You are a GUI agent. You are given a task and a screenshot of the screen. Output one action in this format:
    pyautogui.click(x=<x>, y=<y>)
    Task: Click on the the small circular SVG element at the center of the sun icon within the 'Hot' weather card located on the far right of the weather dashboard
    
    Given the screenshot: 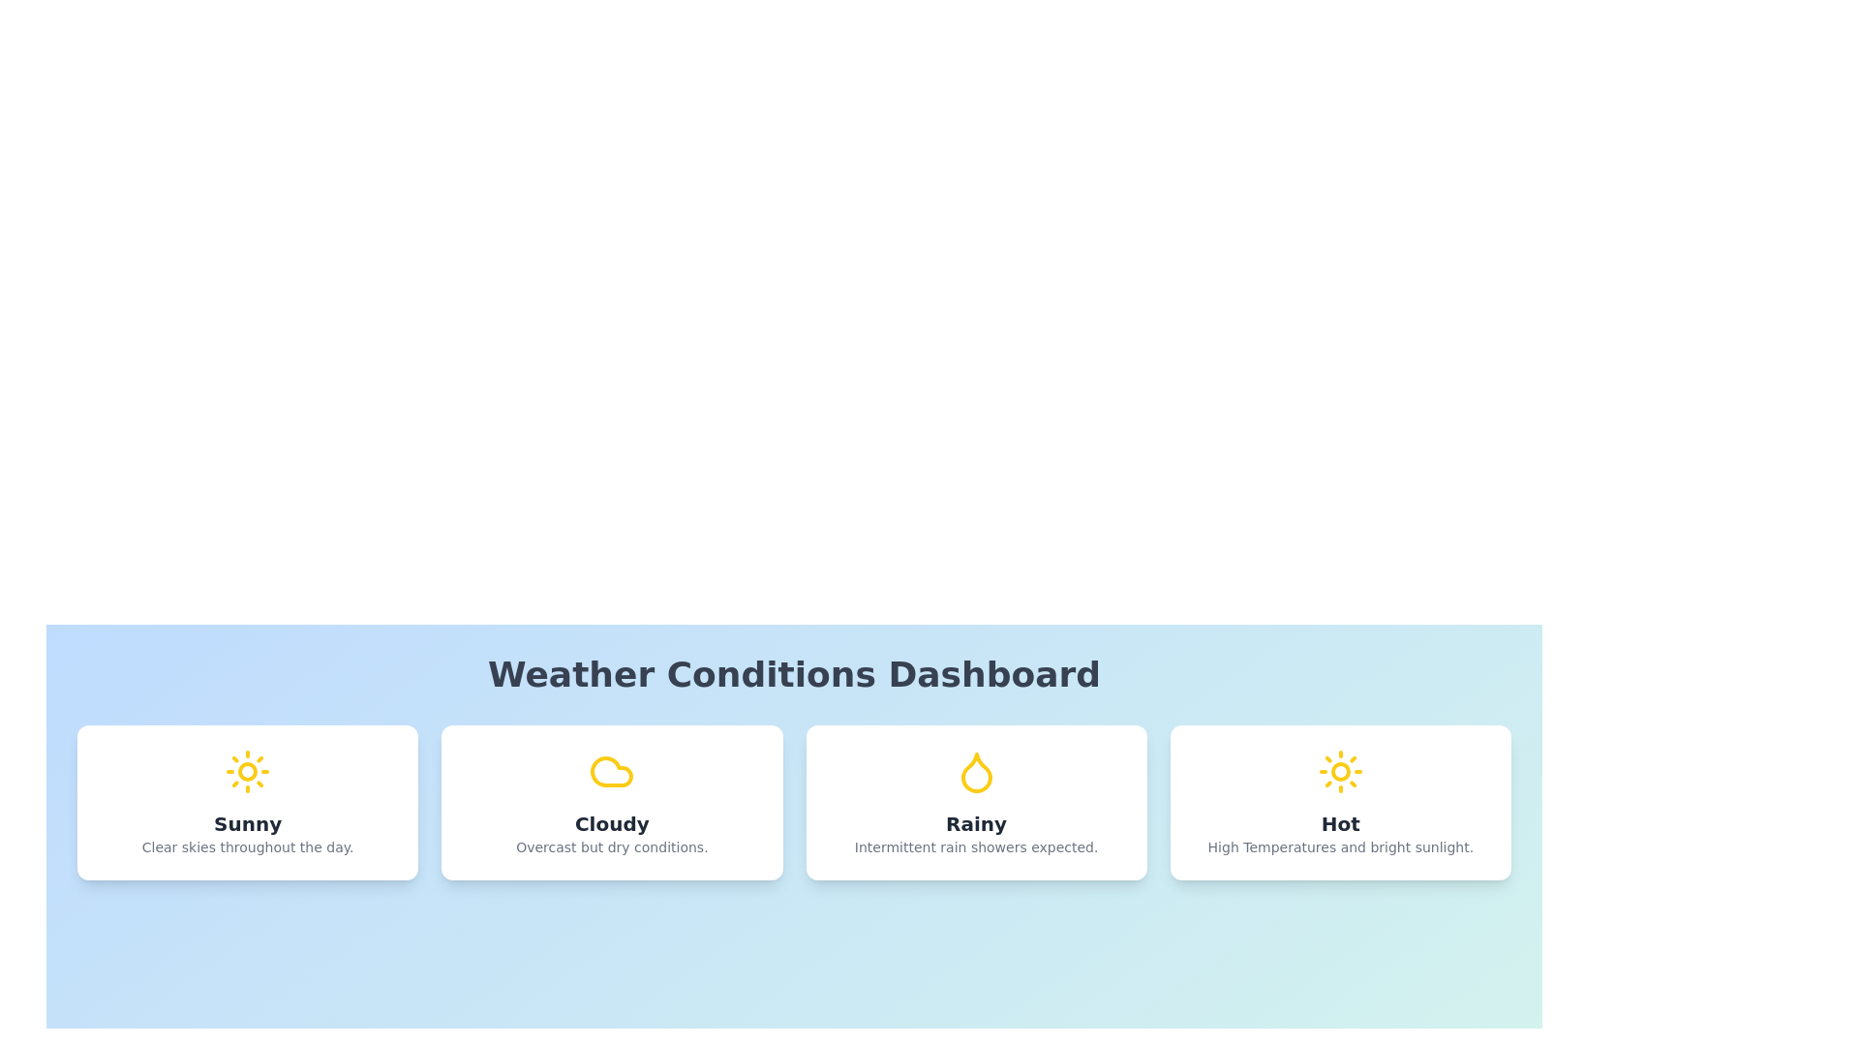 What is the action you would take?
    pyautogui.click(x=1339, y=771)
    